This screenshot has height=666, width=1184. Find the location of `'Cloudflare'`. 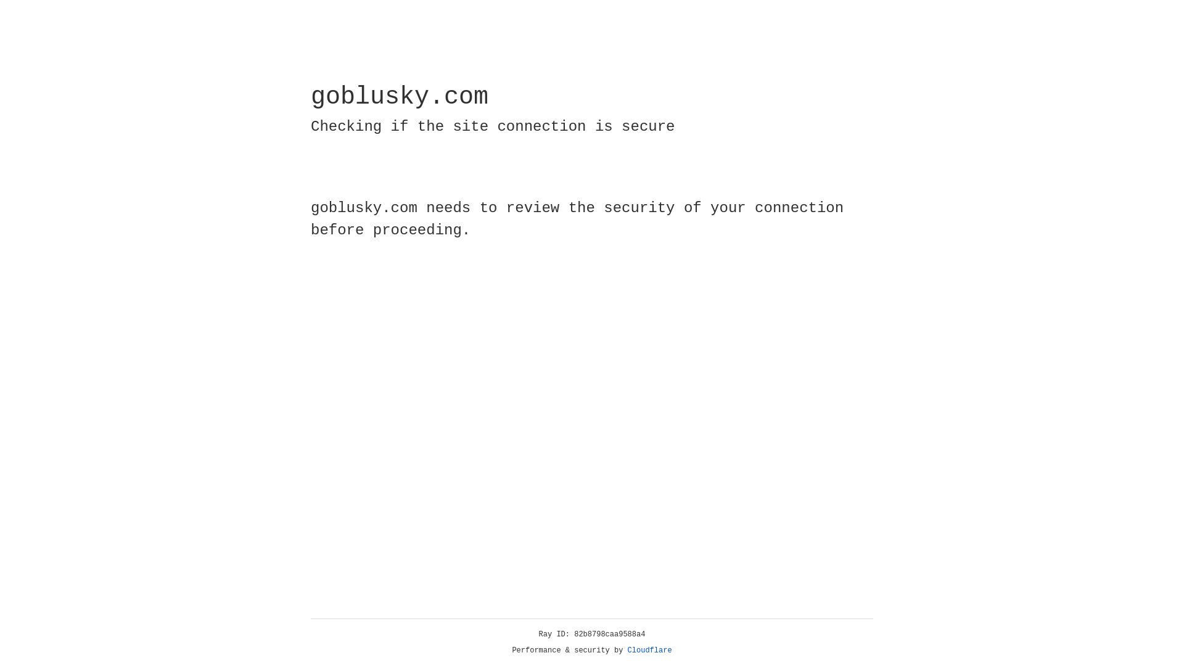

'Cloudflare' is located at coordinates (649, 650).